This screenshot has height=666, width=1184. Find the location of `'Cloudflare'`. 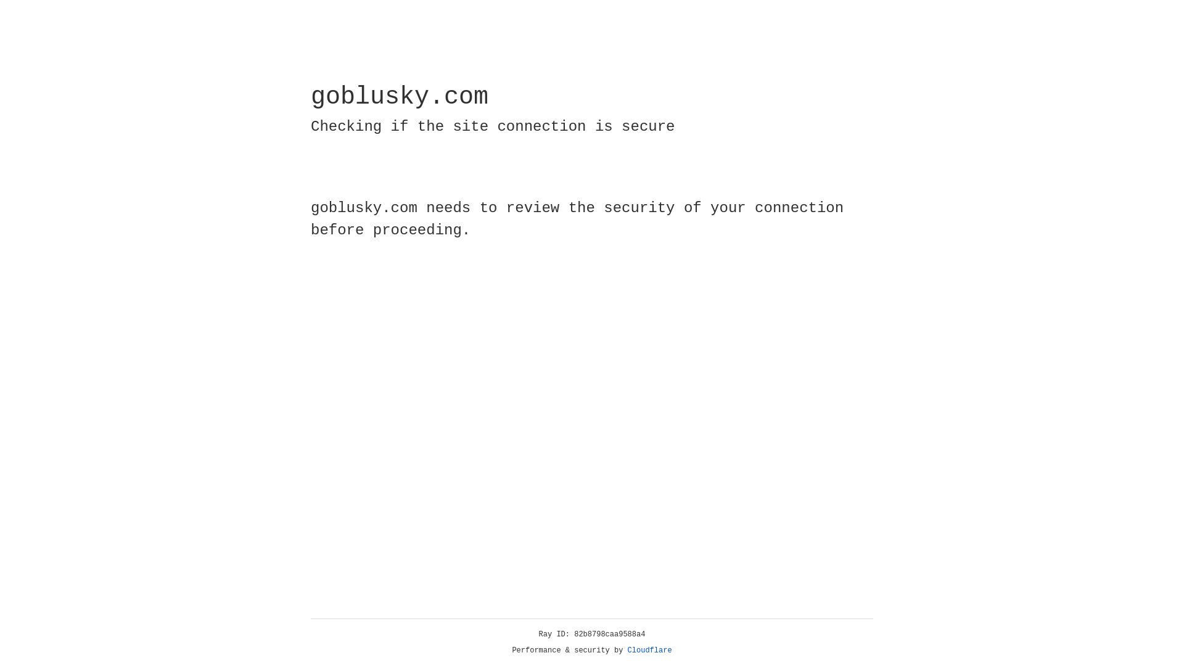

'Cloudflare' is located at coordinates (649, 650).